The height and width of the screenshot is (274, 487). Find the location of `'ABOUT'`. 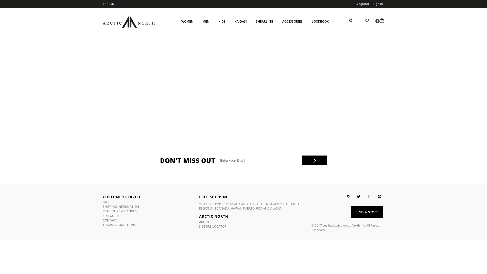

'ABOUT' is located at coordinates (204, 221).